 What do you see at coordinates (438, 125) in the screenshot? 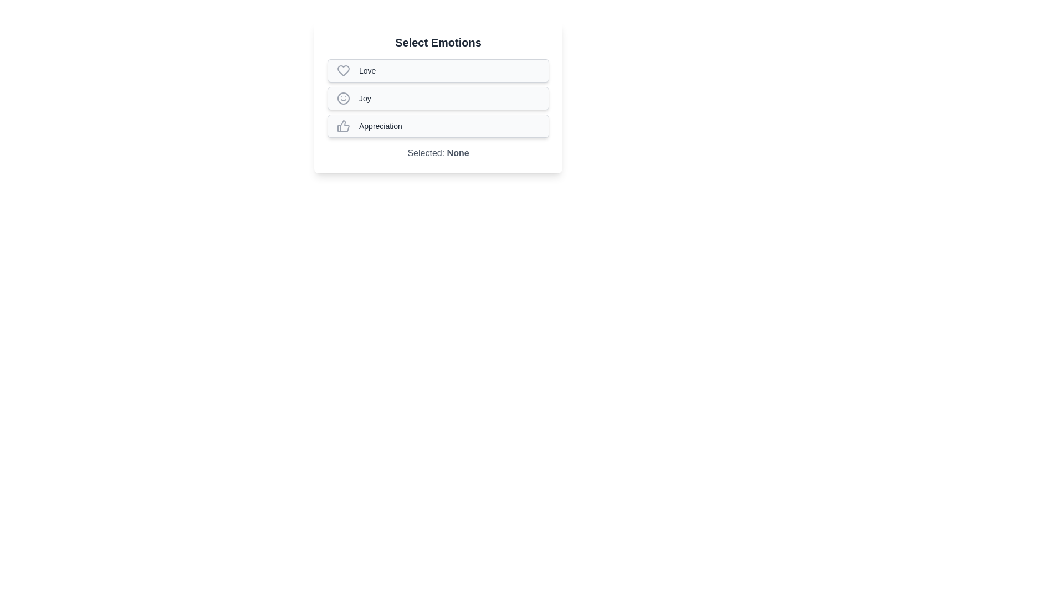
I see `the Appreciation chip` at bounding box center [438, 125].